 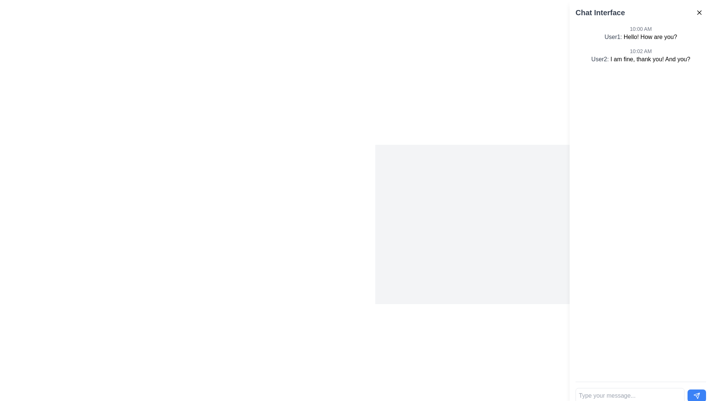 I want to click on text displayed on the bold, large-sized text label 'Chat Interface' located at the top of the right-side panel of the chat interface, so click(x=600, y=13).